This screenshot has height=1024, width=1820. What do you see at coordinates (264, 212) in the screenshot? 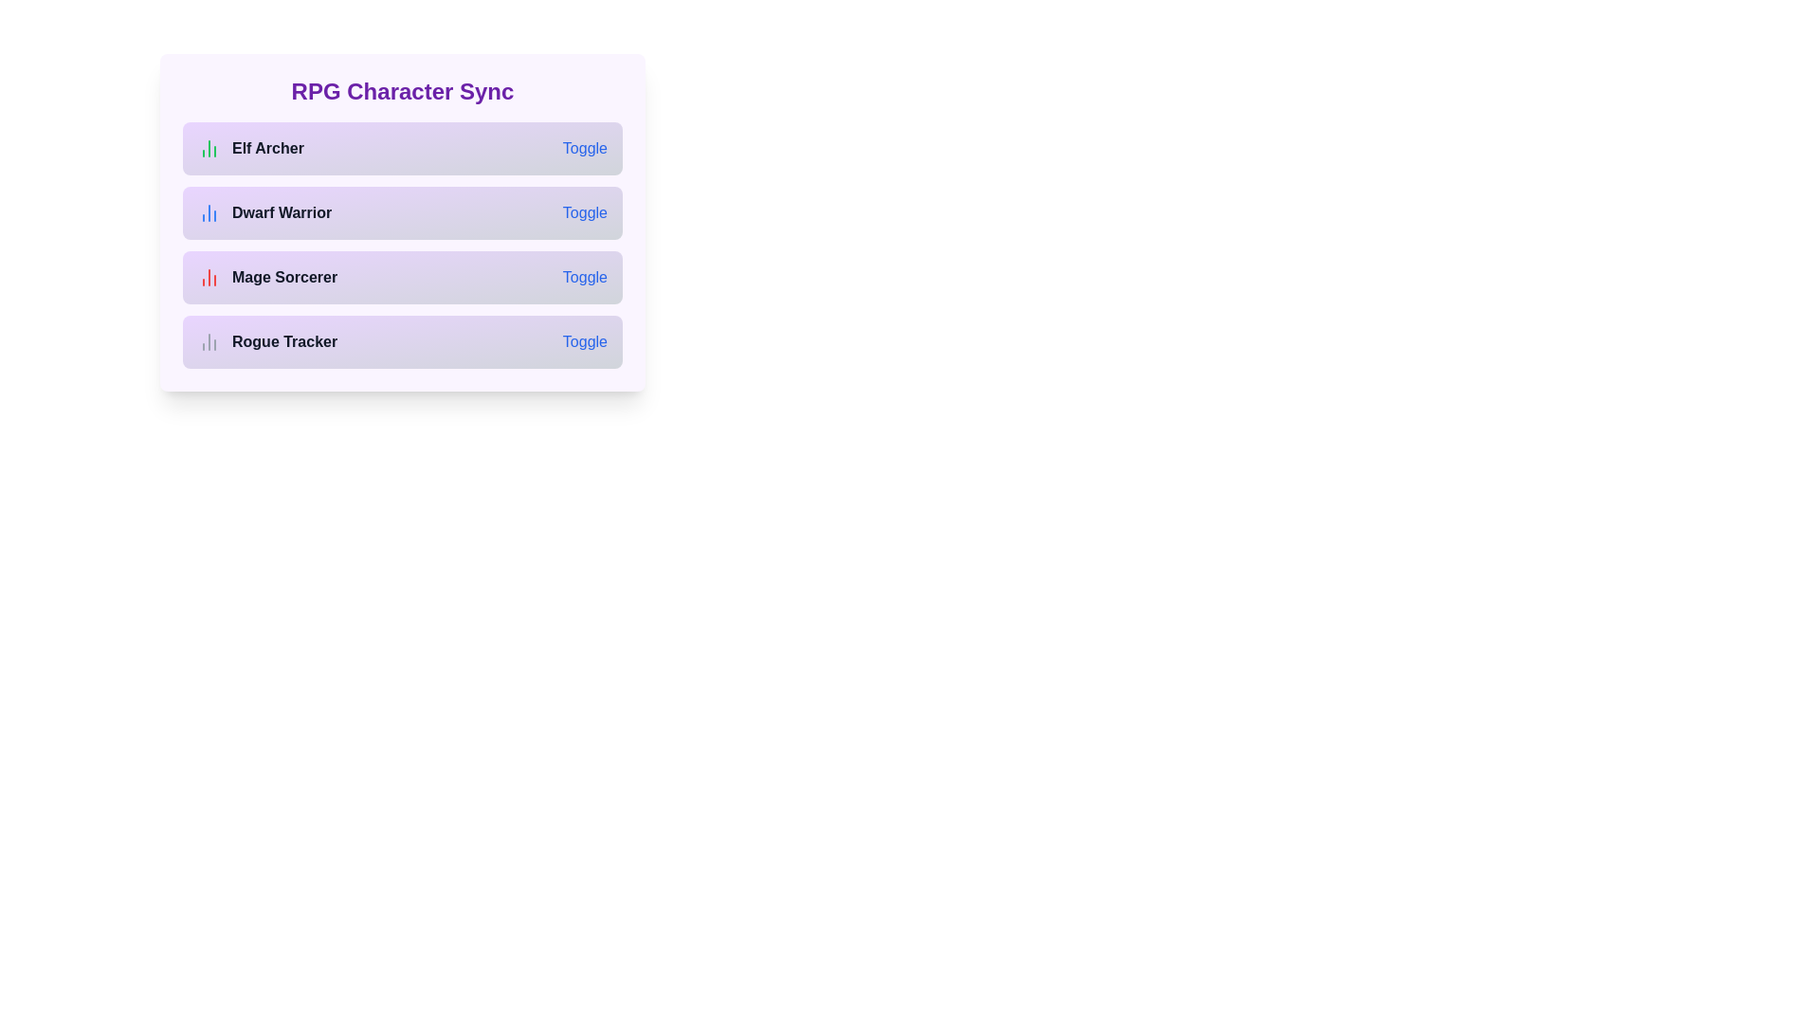
I see `the 'Dwarf Warrior' selectable option in the character roles list` at bounding box center [264, 212].